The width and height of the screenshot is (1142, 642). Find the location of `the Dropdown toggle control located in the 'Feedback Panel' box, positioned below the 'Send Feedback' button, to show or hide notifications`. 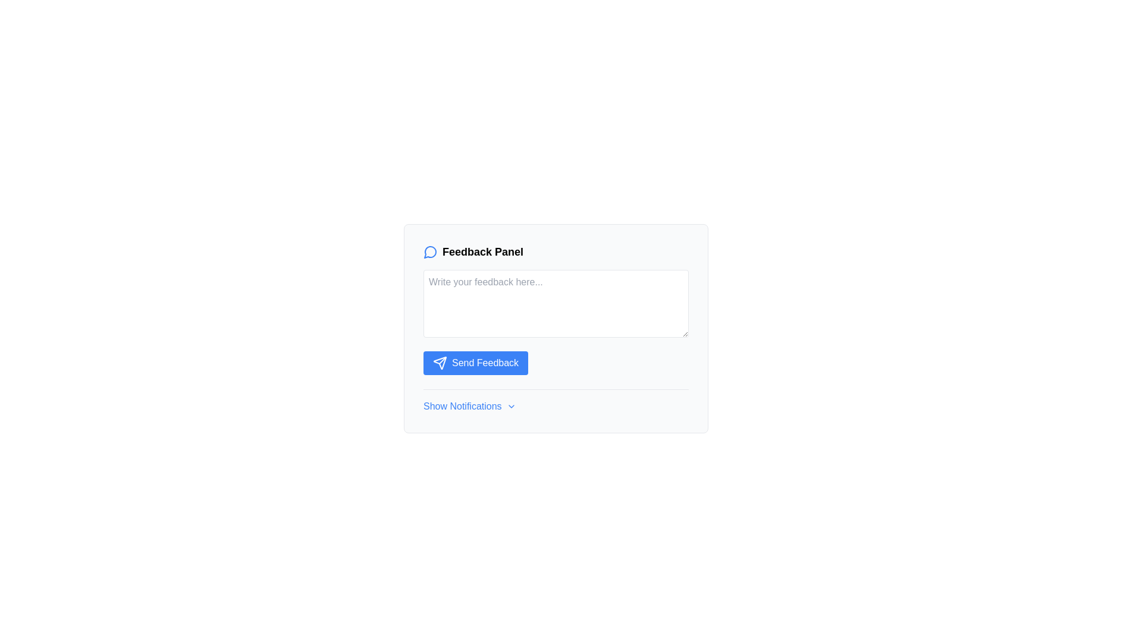

the Dropdown toggle control located in the 'Feedback Panel' box, positioned below the 'Send Feedback' button, to show or hide notifications is located at coordinates (556, 401).